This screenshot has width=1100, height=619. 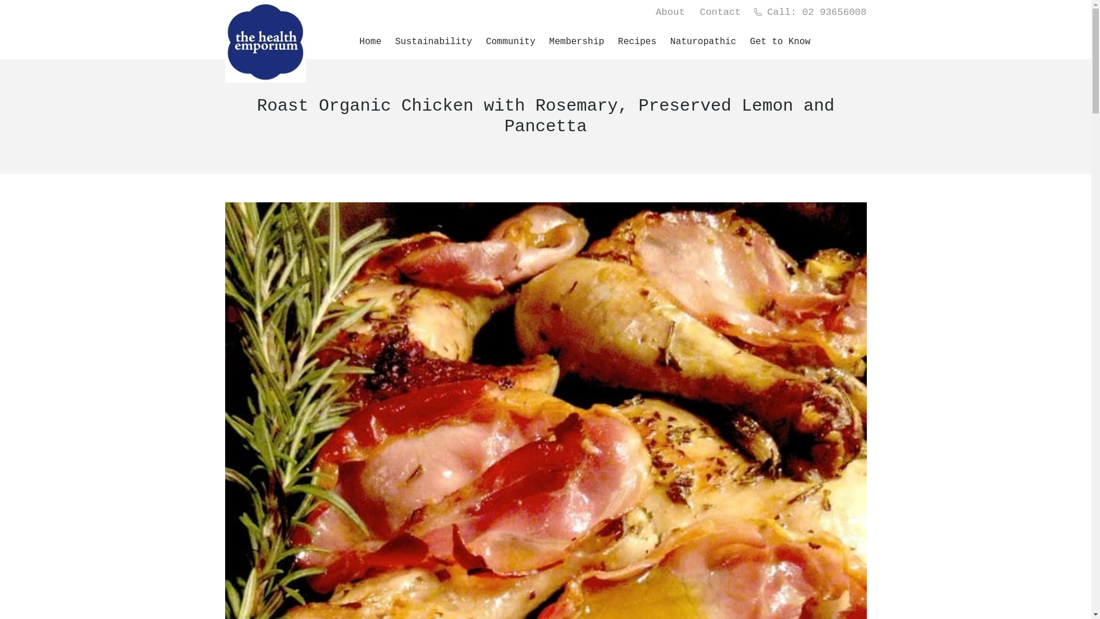 I want to click on 'Recipes', so click(x=638, y=41).